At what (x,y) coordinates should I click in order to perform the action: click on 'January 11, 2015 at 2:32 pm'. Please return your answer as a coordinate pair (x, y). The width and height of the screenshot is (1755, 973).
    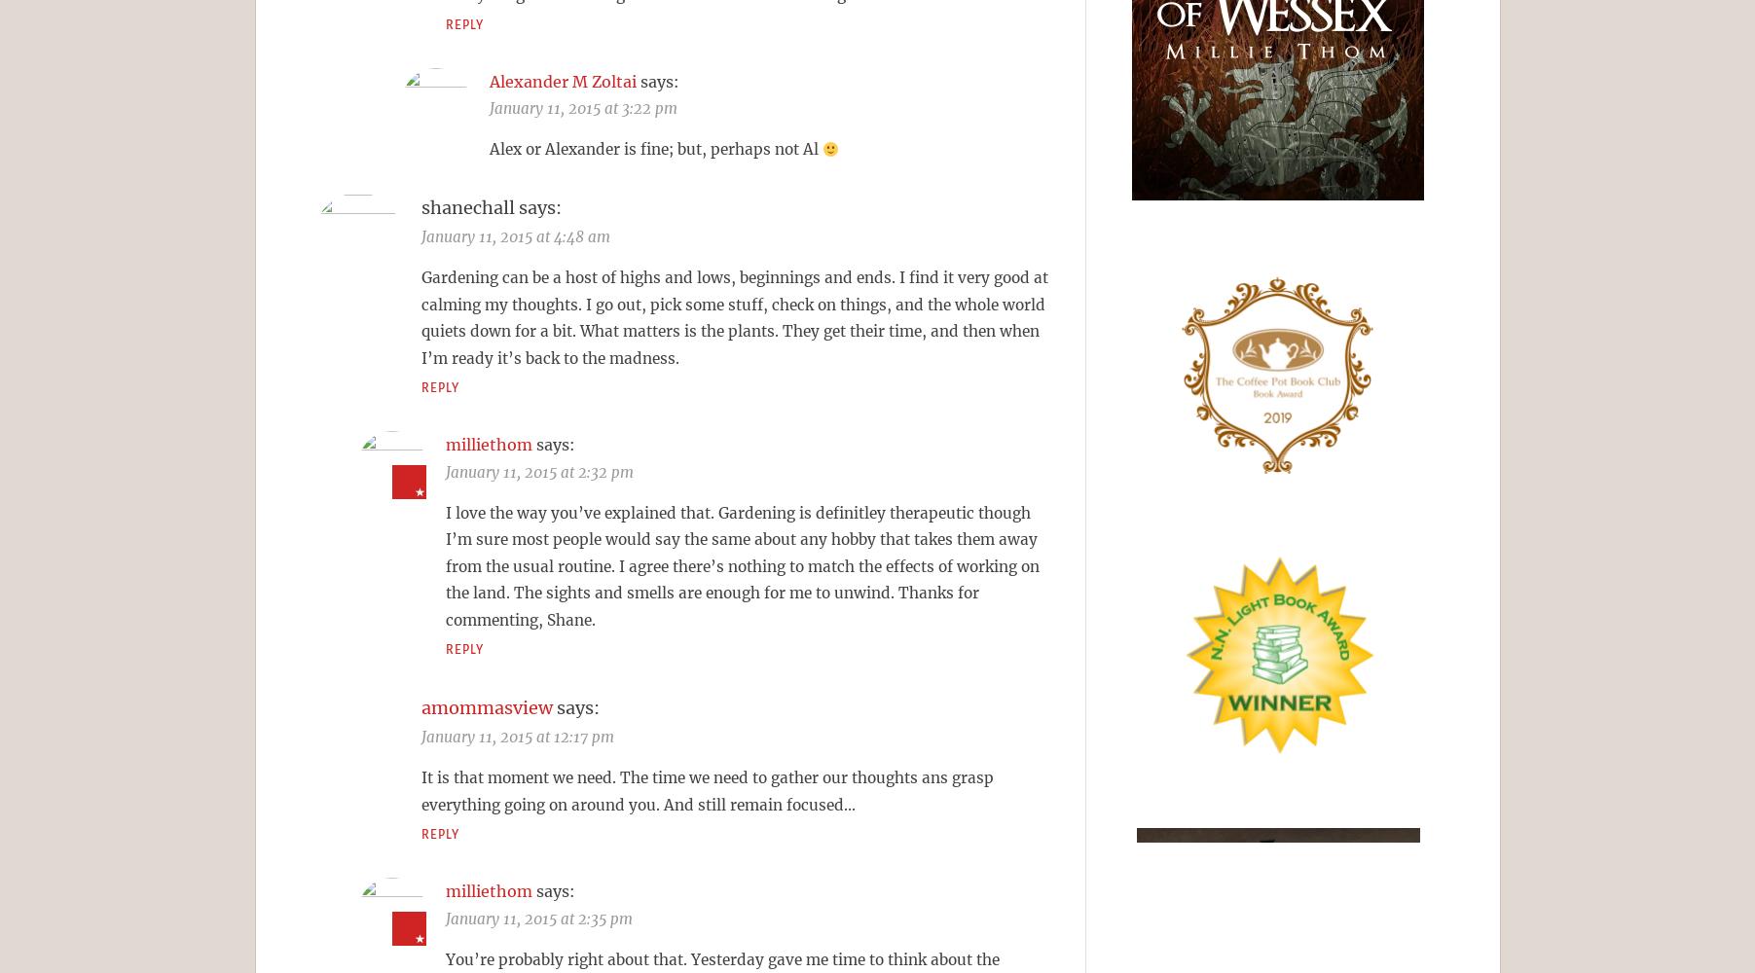
    Looking at the image, I should click on (445, 470).